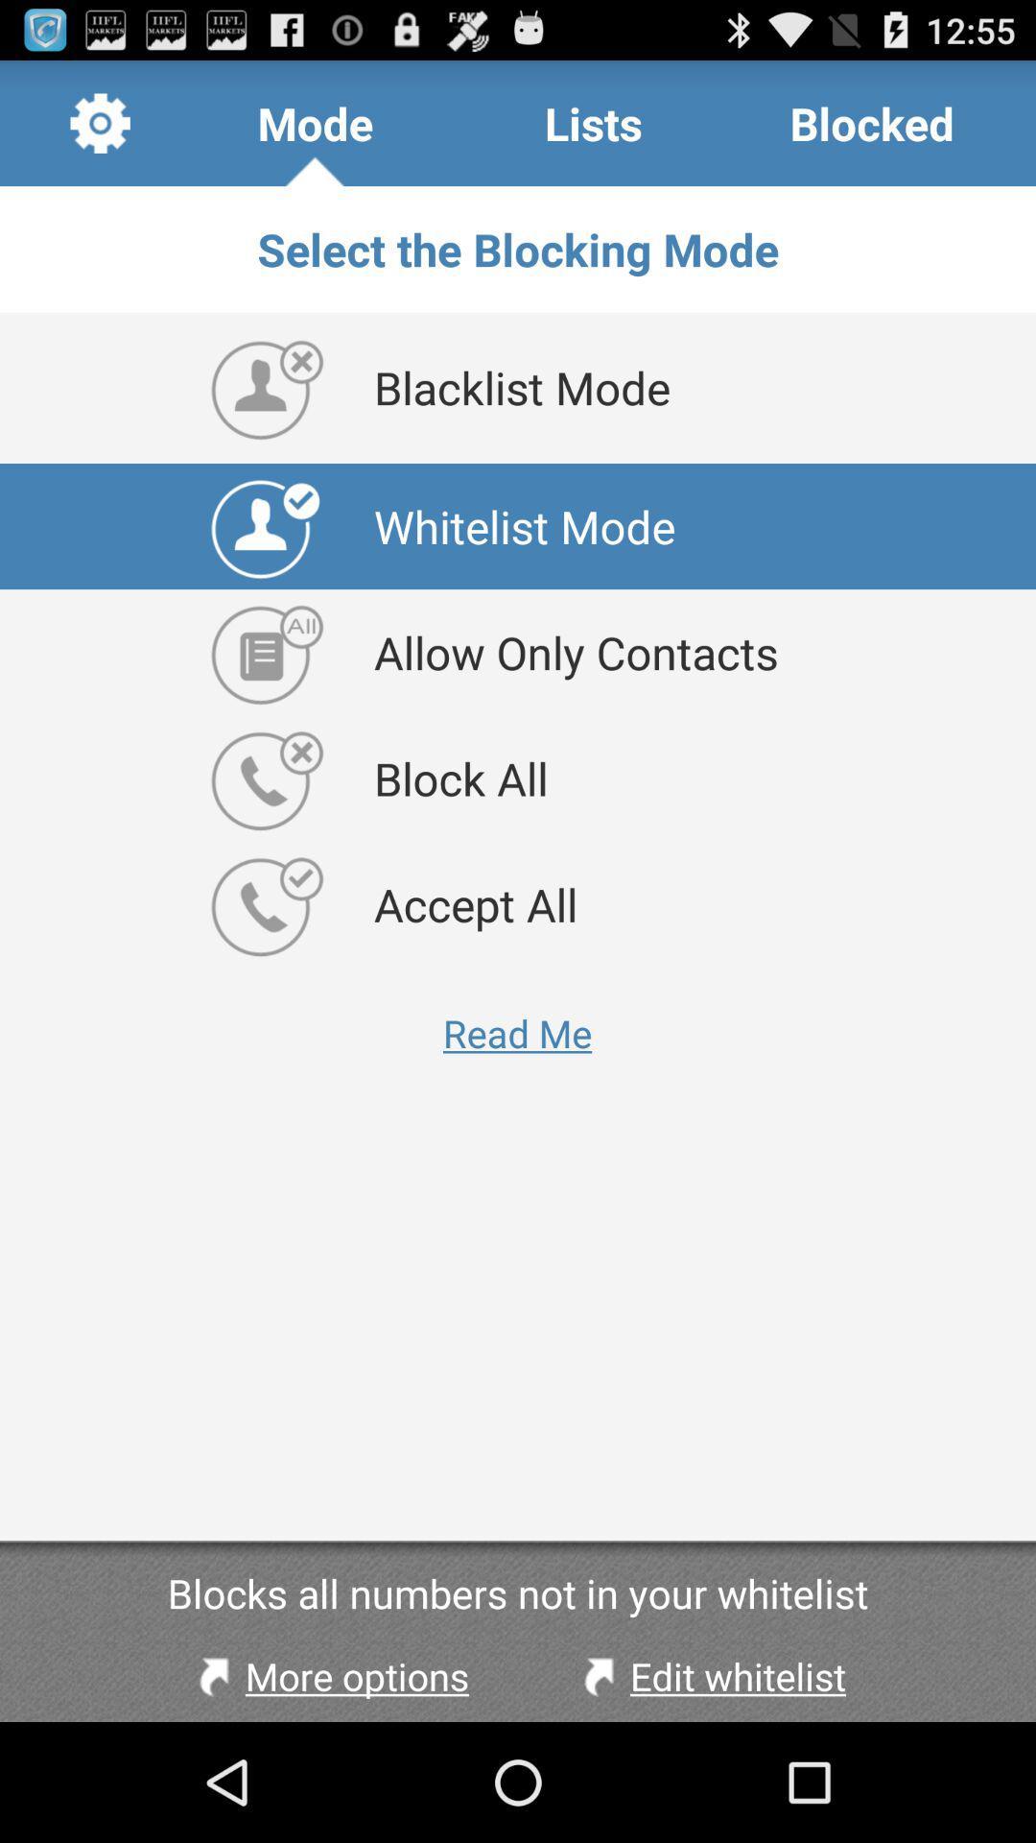  What do you see at coordinates (100, 122) in the screenshot?
I see `icon above the select the blocking app` at bounding box center [100, 122].